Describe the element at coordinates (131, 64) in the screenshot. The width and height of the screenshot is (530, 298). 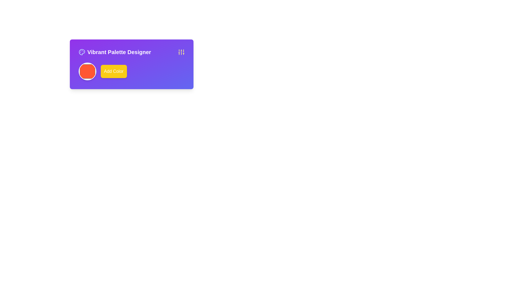
I see `the related settings of the 'Vibrant Palette Designer' card by clicking on the sliders icon embedded within it` at that location.